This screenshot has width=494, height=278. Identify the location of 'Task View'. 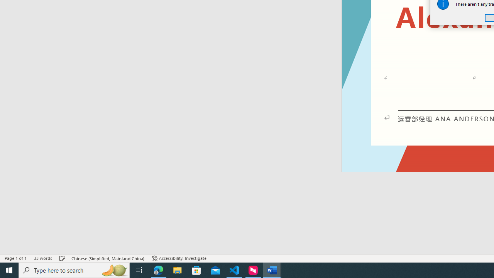
(139, 270).